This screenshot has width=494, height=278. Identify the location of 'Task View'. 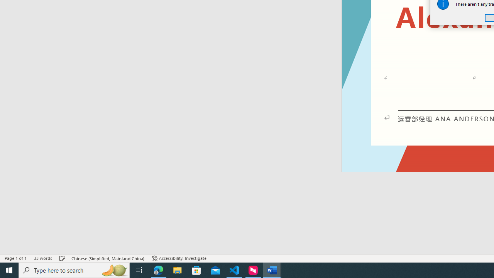
(139, 270).